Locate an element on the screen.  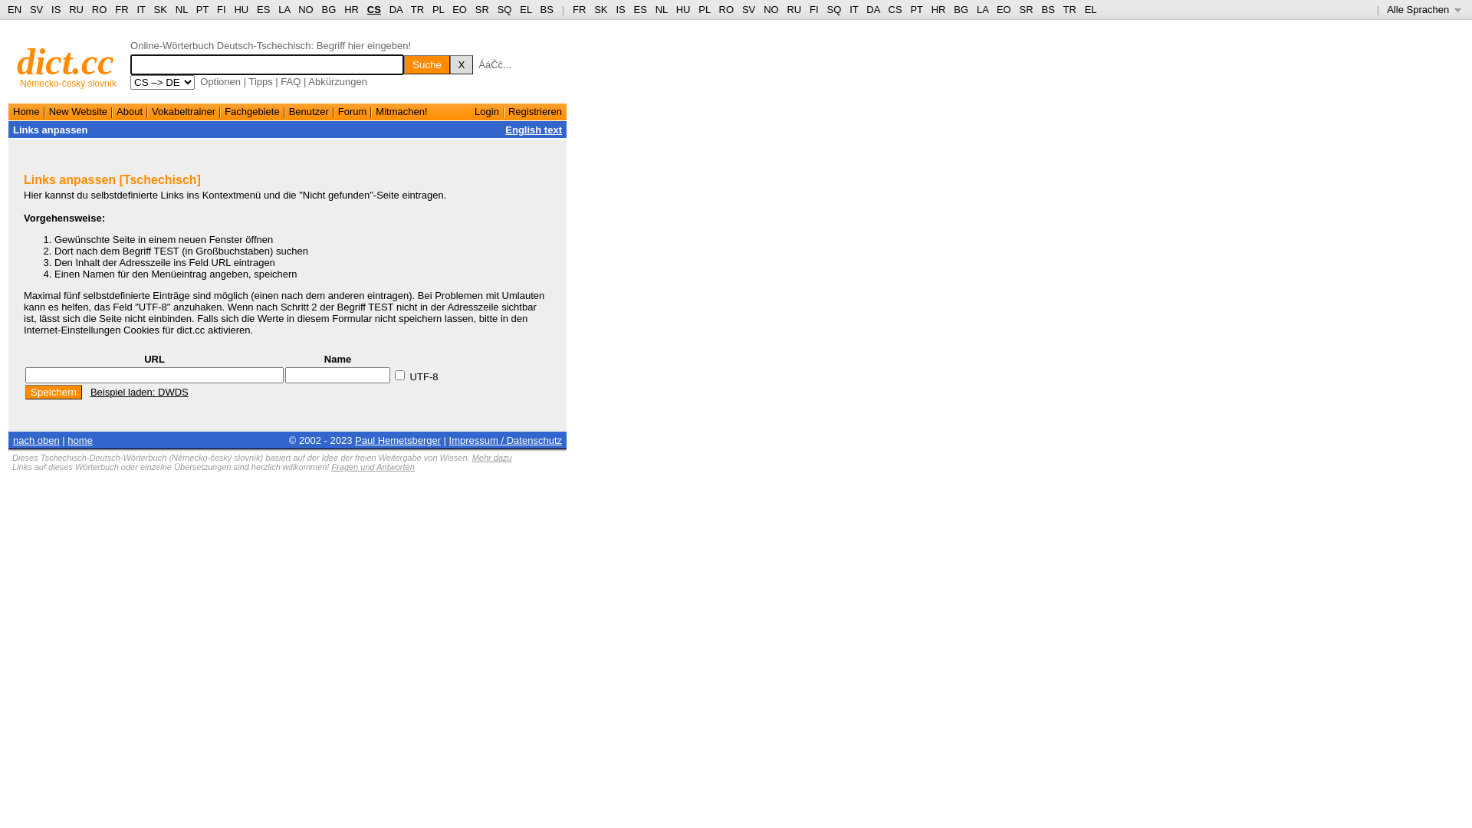
'Beispiel laden: DWDS' is located at coordinates (140, 391).